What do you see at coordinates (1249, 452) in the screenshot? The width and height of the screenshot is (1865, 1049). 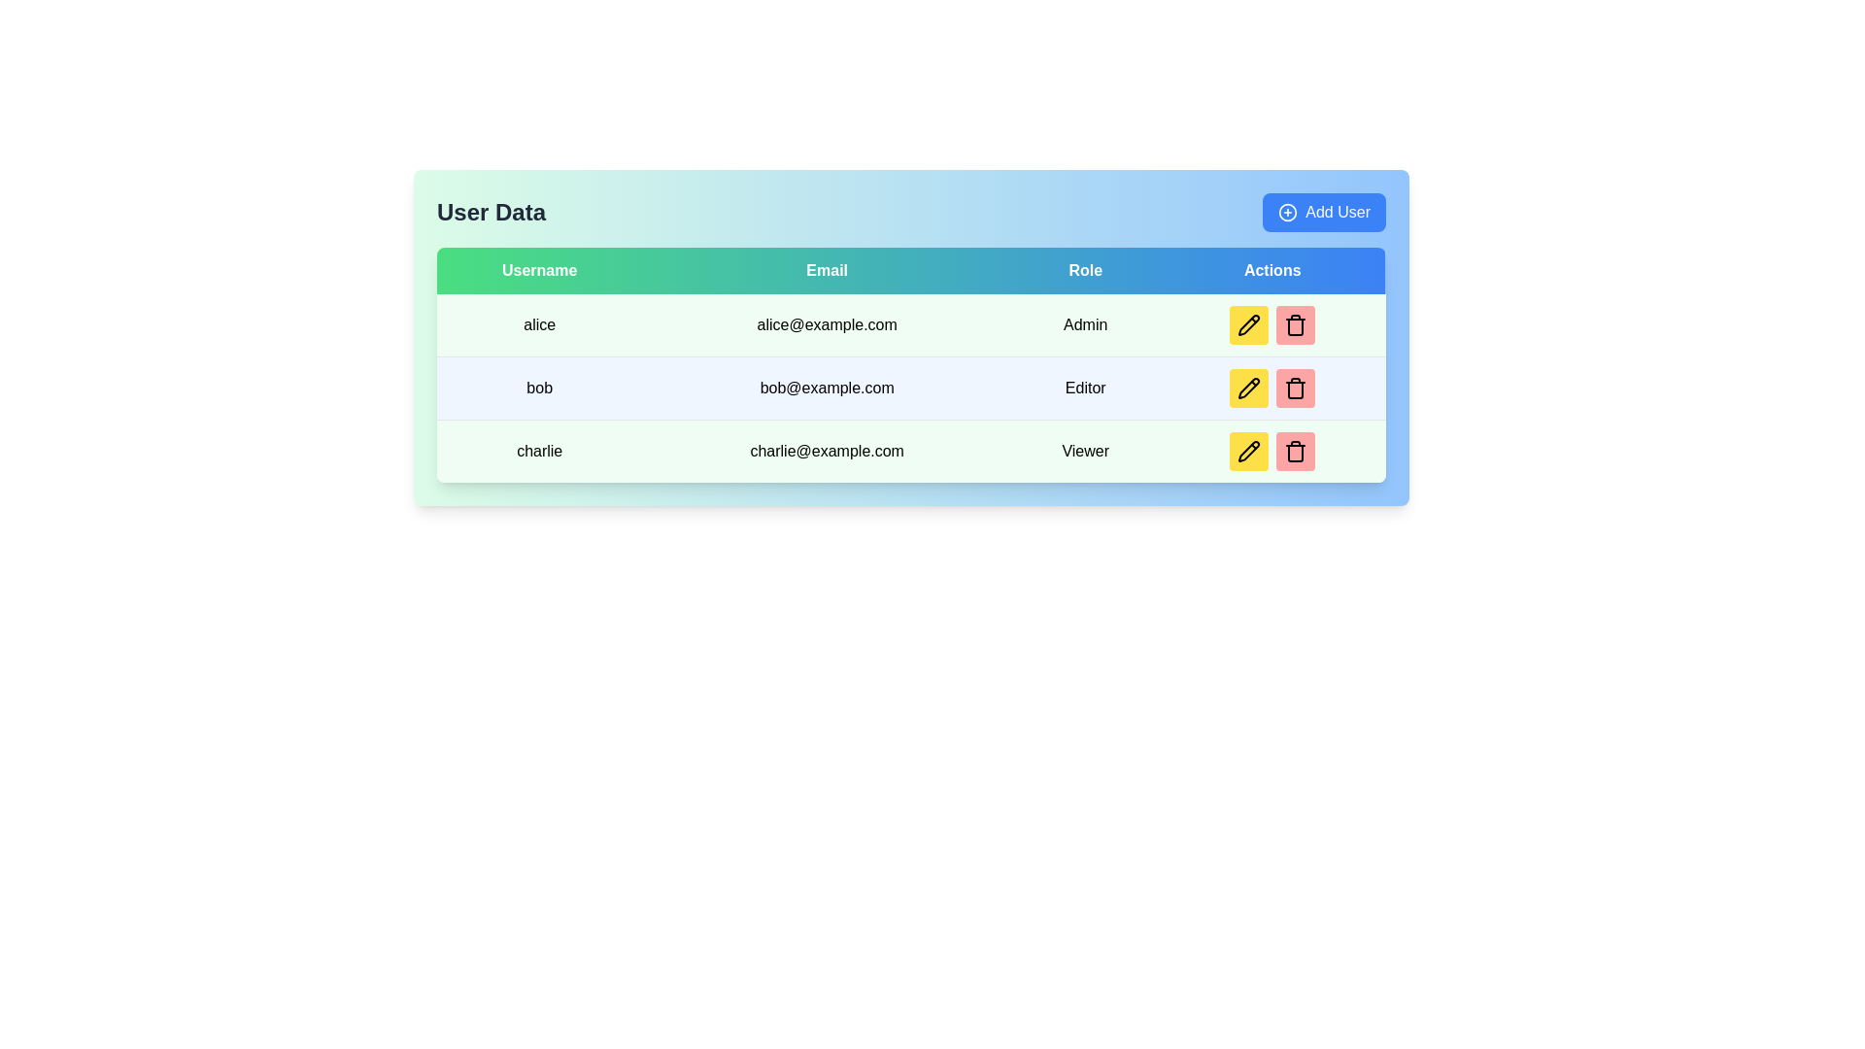 I see `the black pencil-shaped icon button located in the 'Actions' column for the user 'charlie' to initiate editing this user's details` at bounding box center [1249, 452].